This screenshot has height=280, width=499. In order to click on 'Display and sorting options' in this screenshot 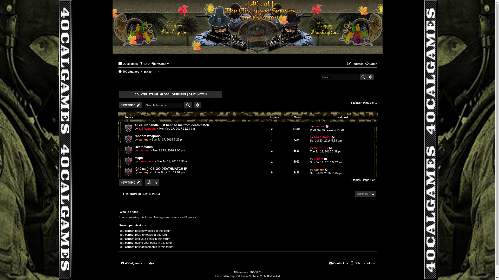, I will do `click(152, 182)`.